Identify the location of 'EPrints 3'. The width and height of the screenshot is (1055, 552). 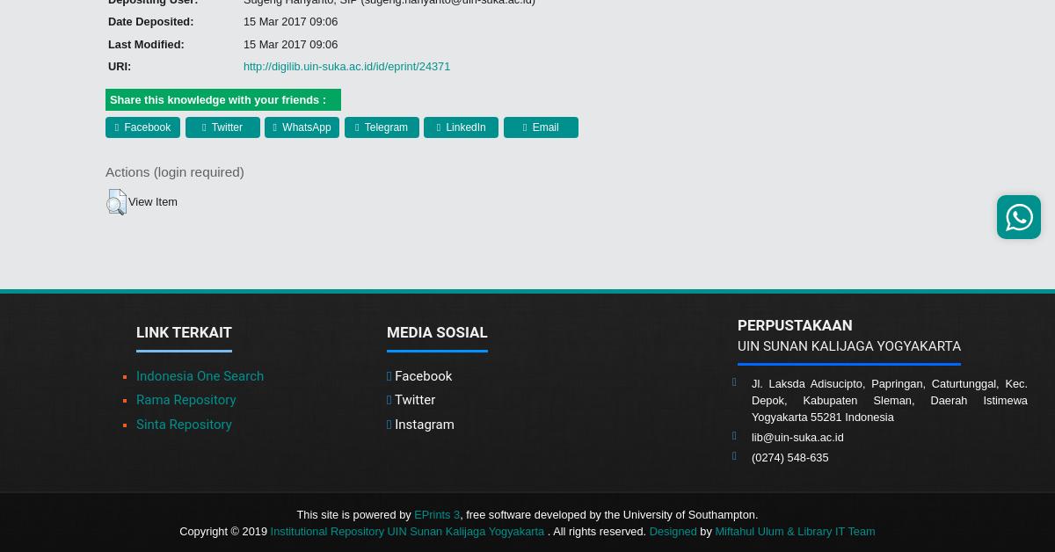
(436, 512).